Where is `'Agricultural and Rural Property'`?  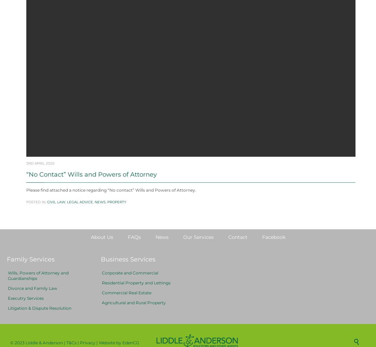 'Agricultural and Rural Property' is located at coordinates (134, 319).